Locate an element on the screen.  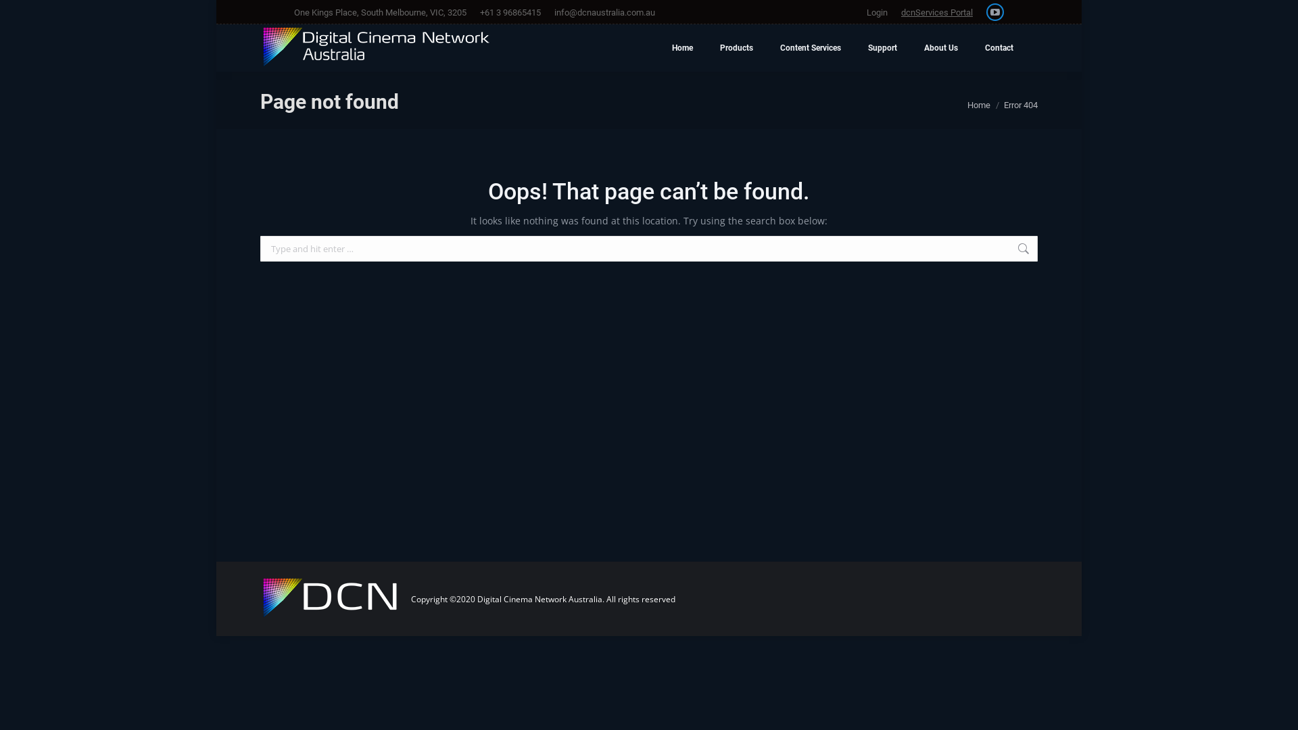
'Products' is located at coordinates (736, 47).